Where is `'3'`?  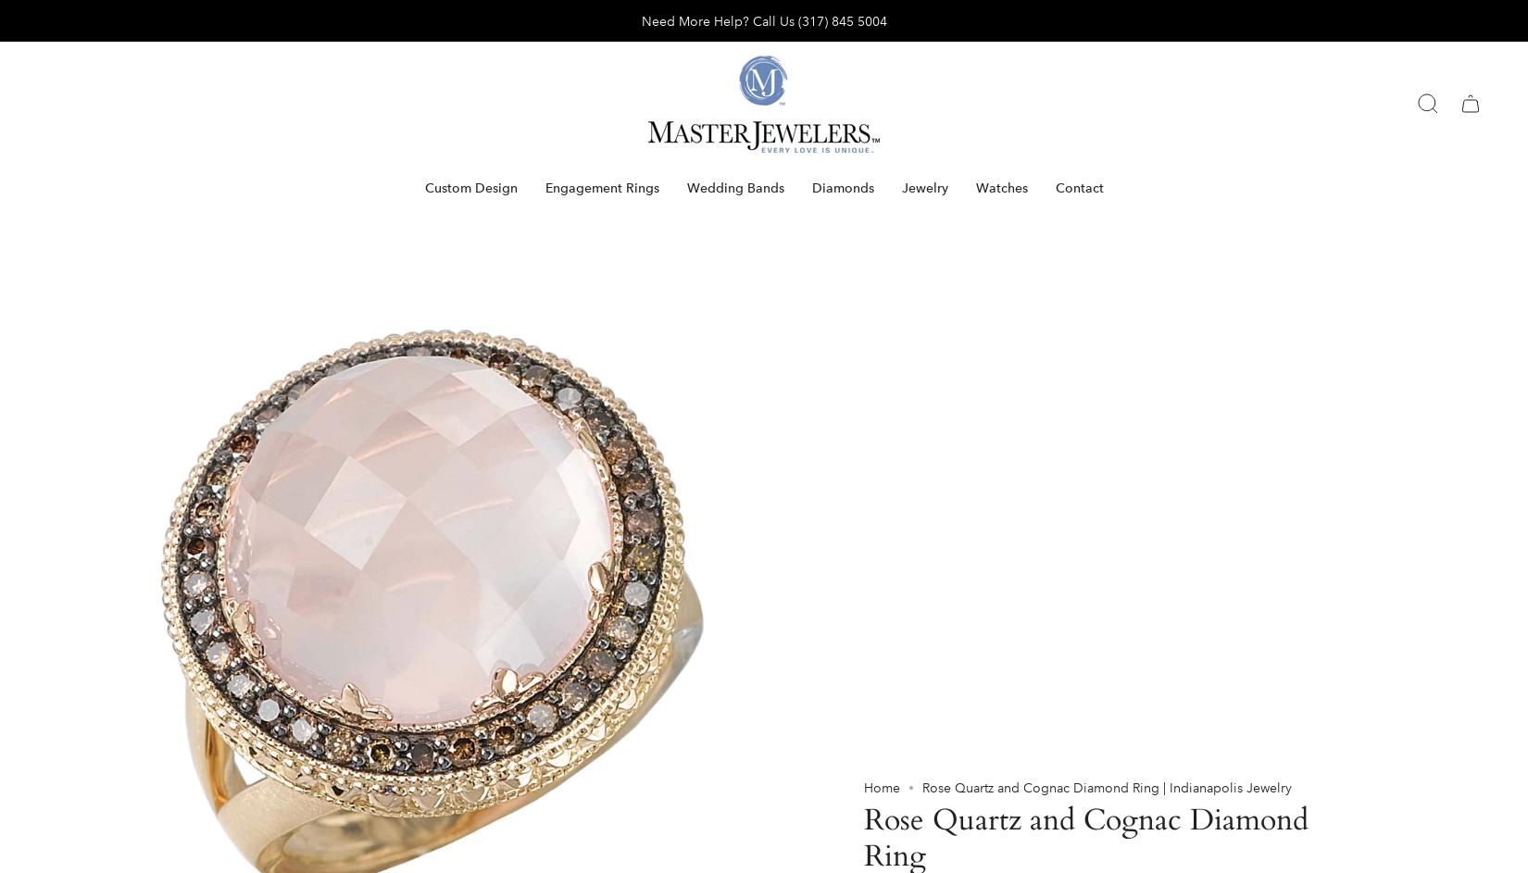
'3' is located at coordinates (875, 318).